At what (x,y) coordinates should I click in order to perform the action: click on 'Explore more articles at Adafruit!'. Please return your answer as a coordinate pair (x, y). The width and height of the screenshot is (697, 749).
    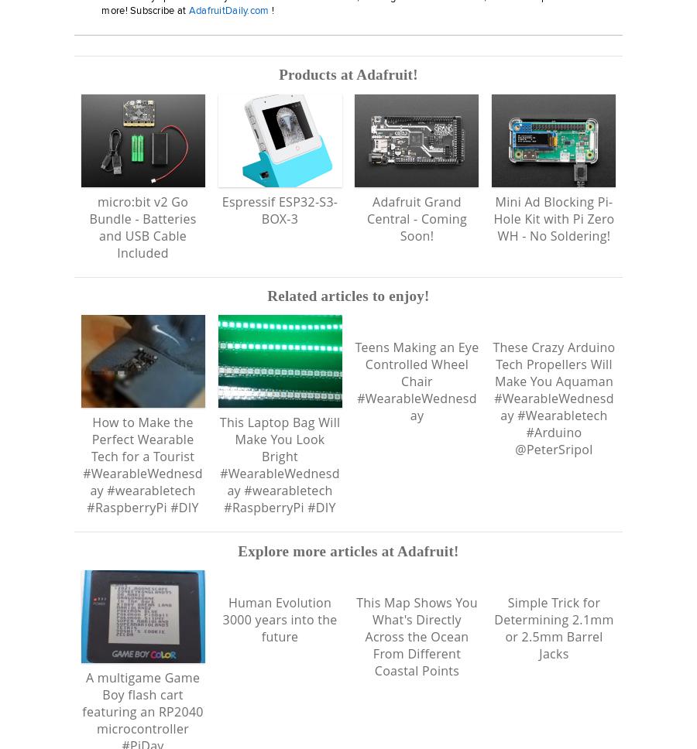
    Looking at the image, I should click on (348, 567).